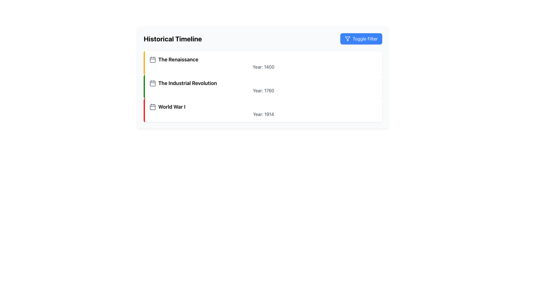 This screenshot has width=540, height=304. I want to click on the second item, so click(263, 87).